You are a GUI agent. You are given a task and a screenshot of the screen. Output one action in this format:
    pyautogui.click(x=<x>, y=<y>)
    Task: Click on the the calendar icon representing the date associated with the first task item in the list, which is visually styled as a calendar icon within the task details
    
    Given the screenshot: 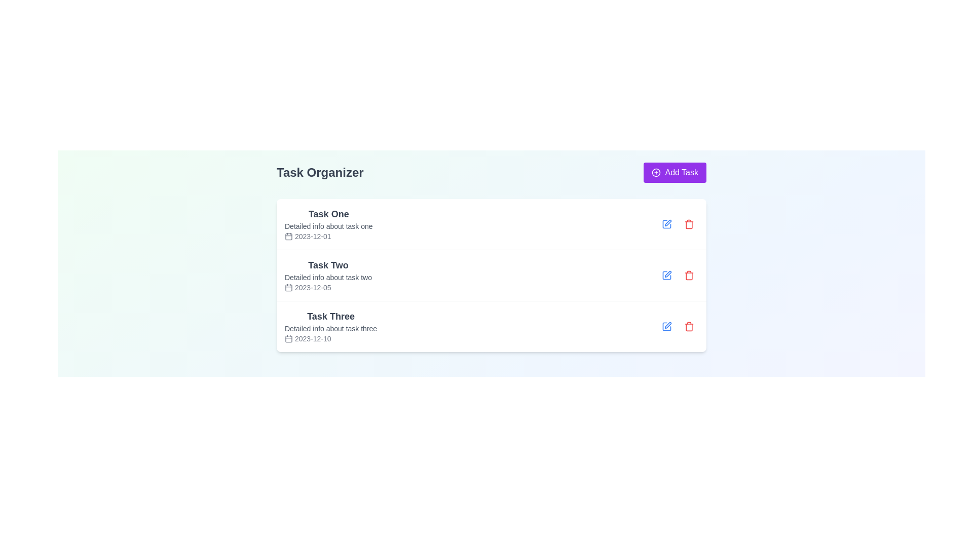 What is the action you would take?
    pyautogui.click(x=288, y=236)
    